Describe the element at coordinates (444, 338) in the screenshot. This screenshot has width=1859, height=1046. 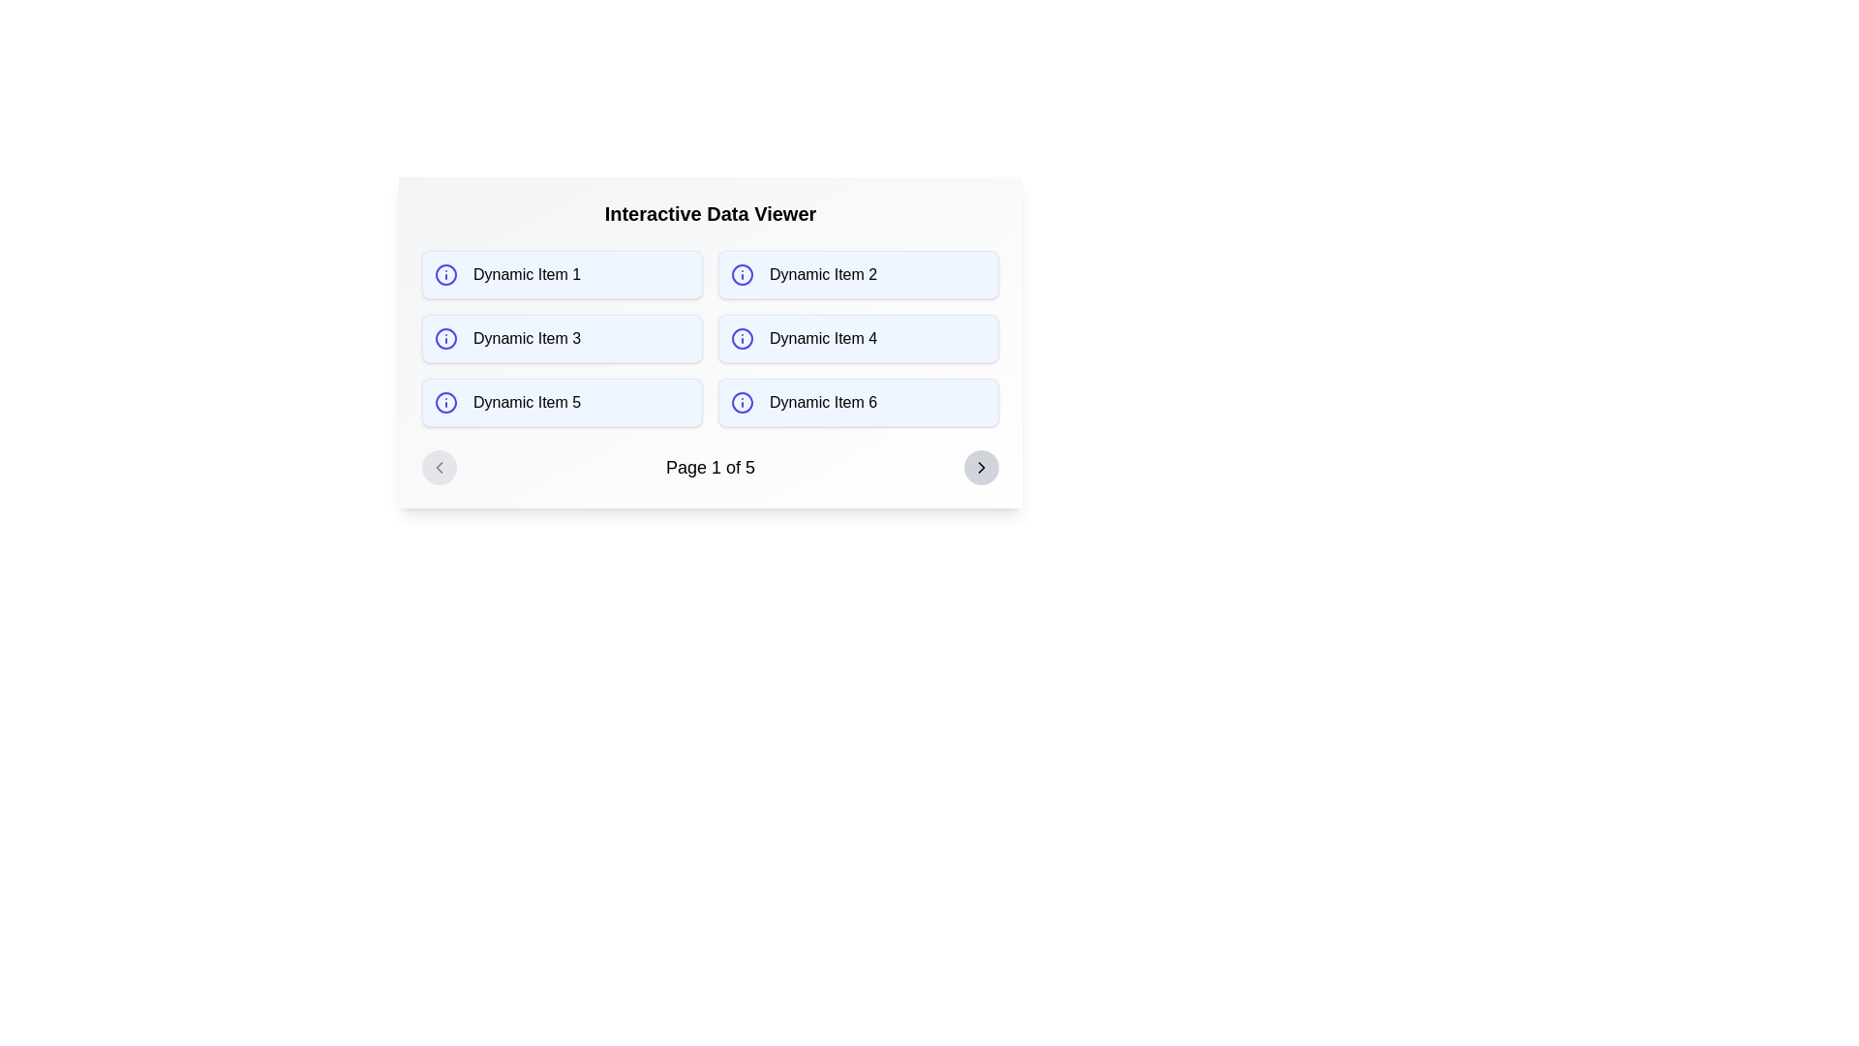
I see `the central SVG Circle element that is part of the icon aligned to the left of 'Dynamic Item 3'` at that location.